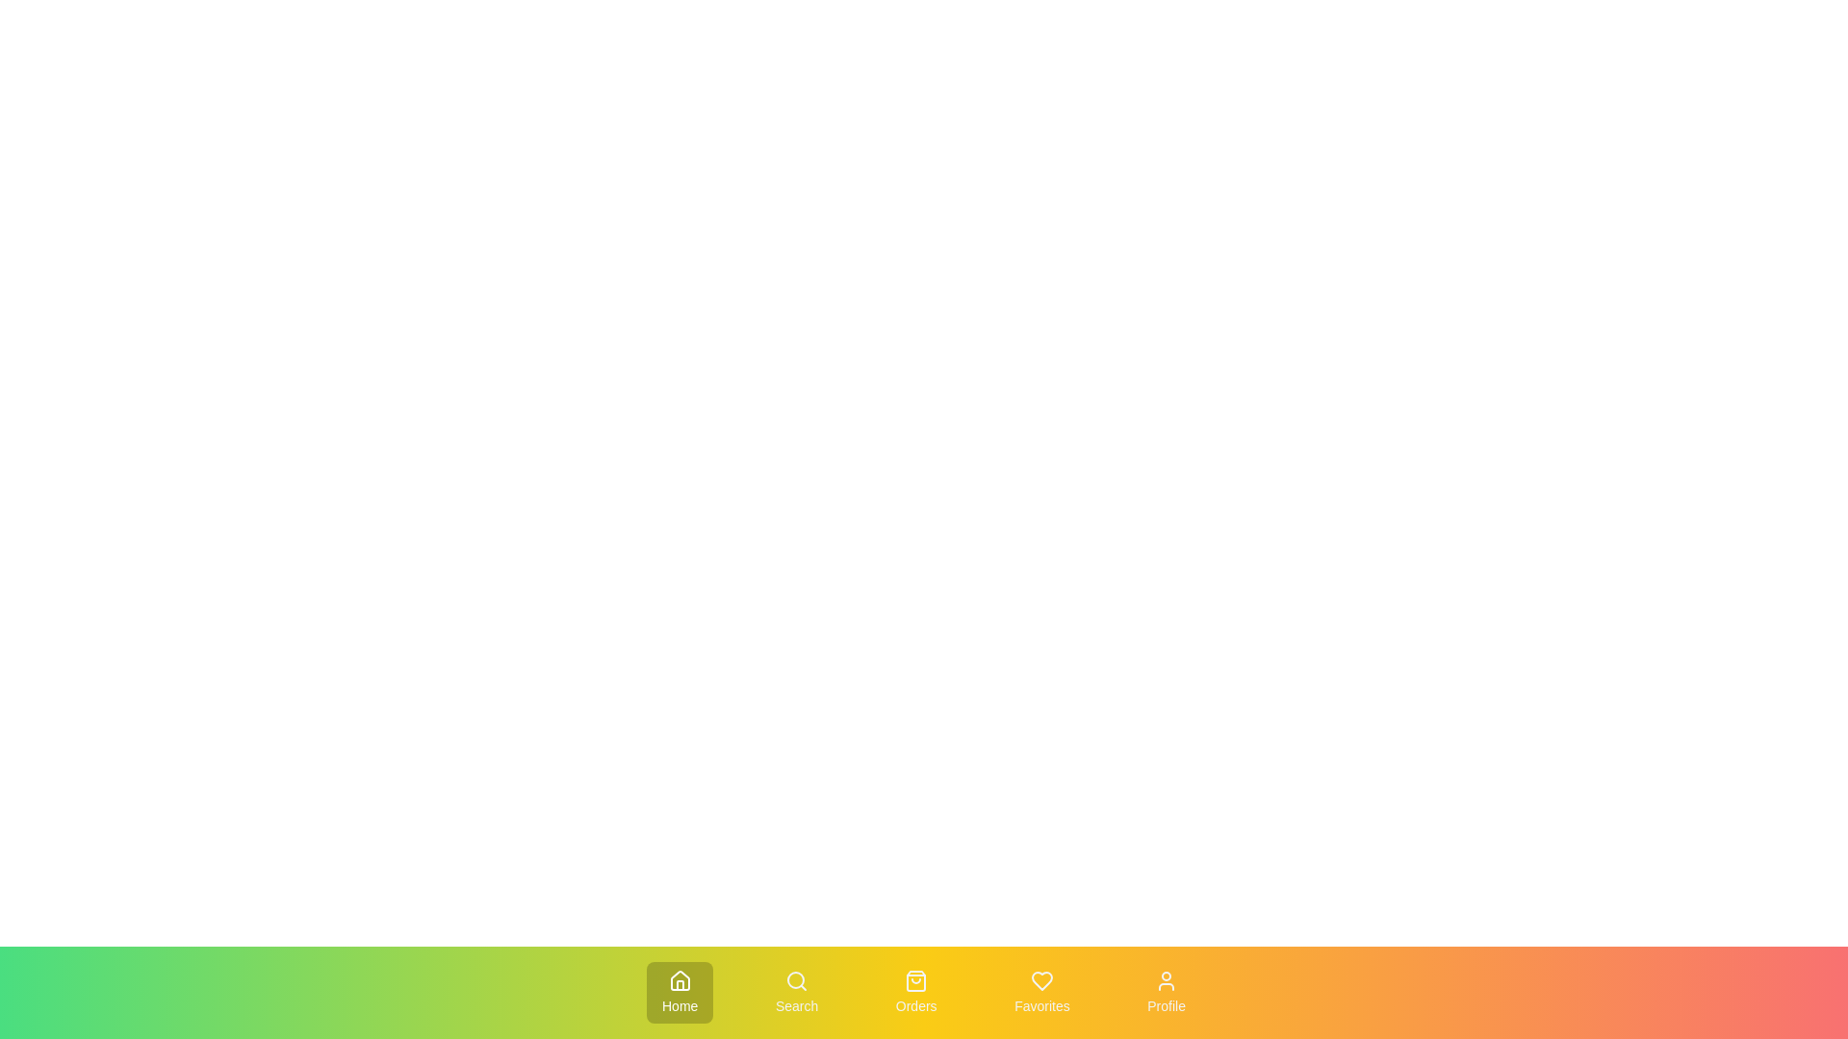  I want to click on the Search tab to observe the hover effect, so click(797, 993).